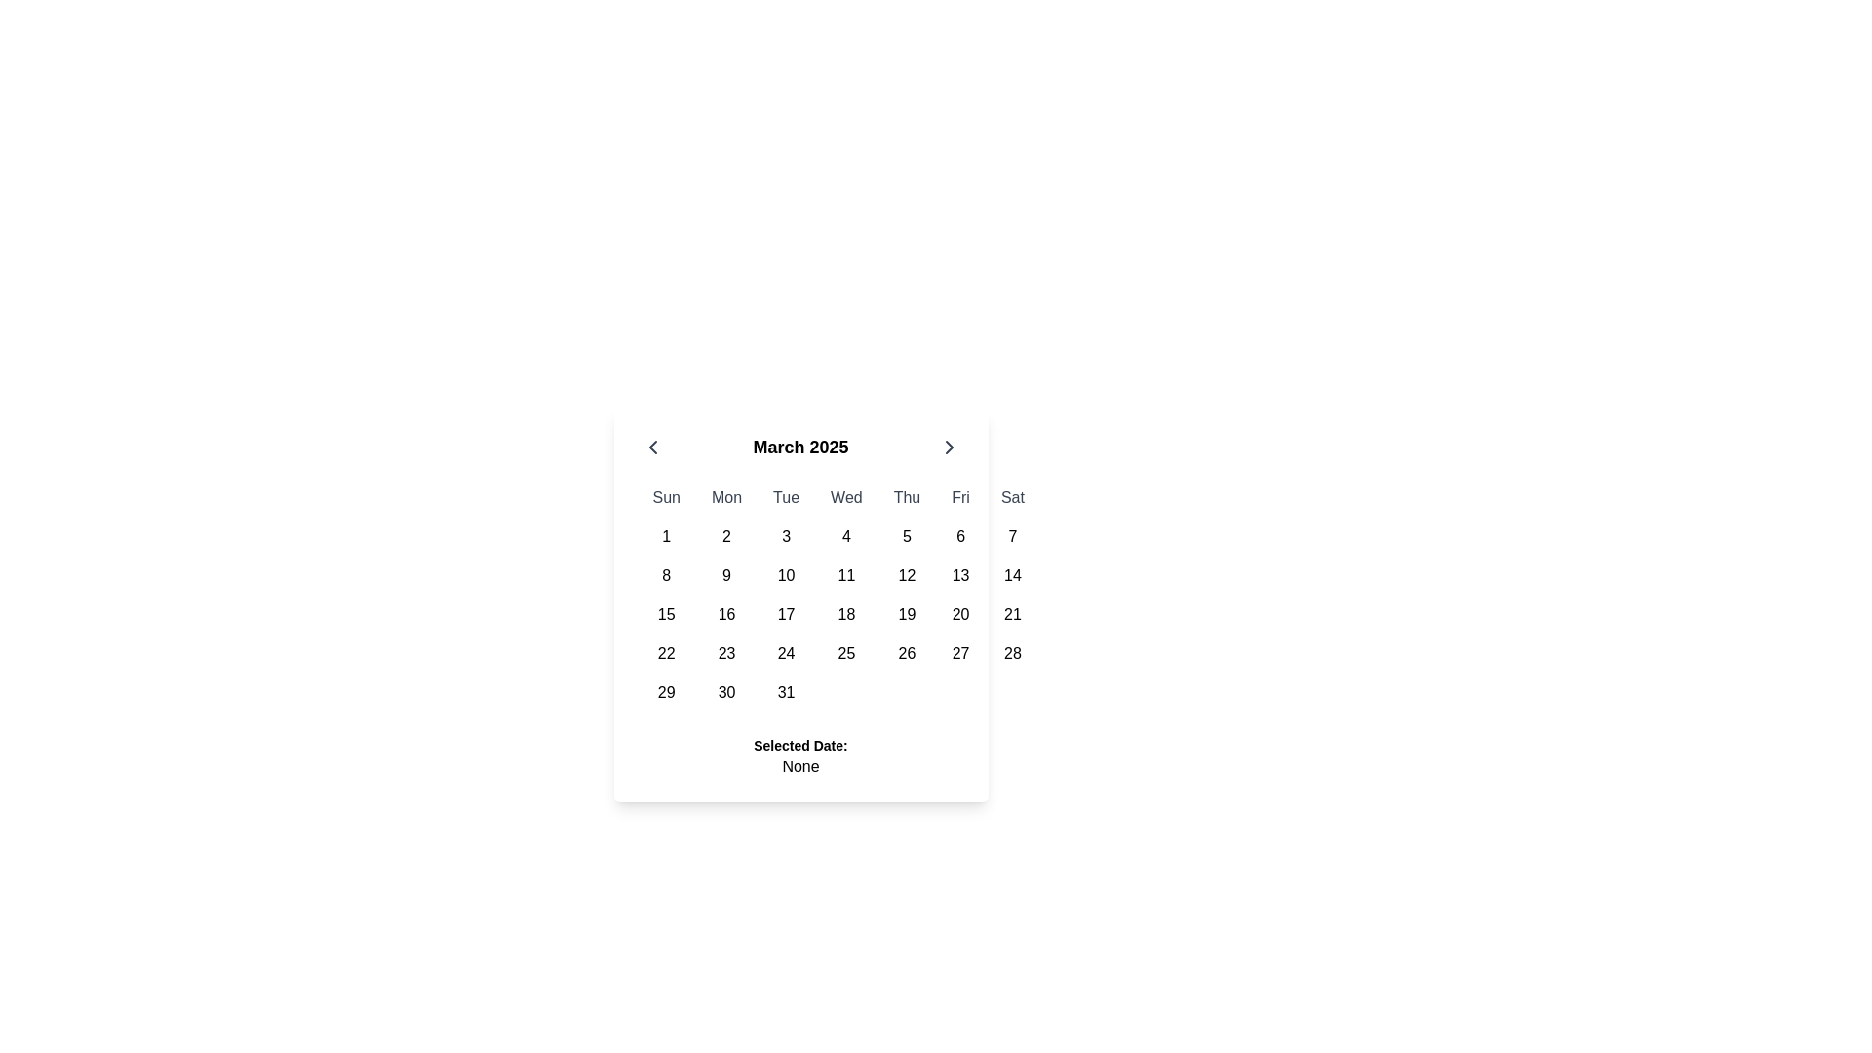 Image resolution: width=1872 pixels, height=1053 pixels. What do you see at coordinates (725, 537) in the screenshot?
I see `the clickable date label representing the date '2' in the calendar grid` at bounding box center [725, 537].